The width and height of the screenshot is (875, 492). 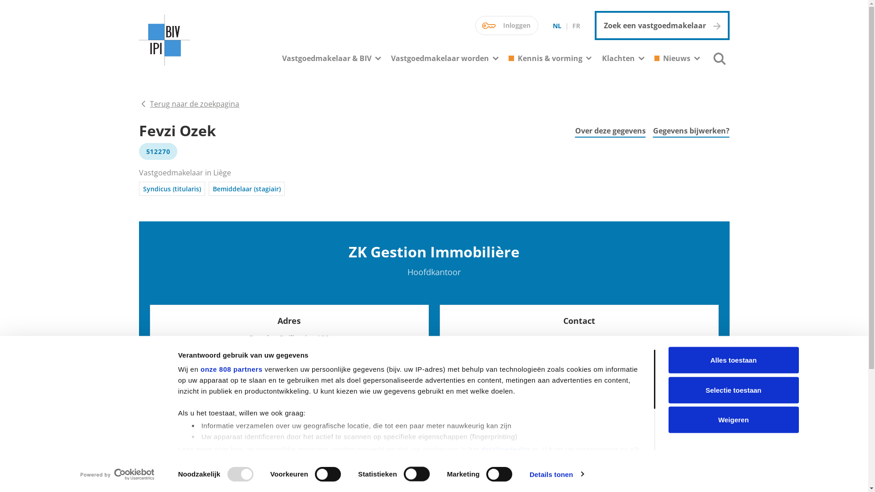 I want to click on 'NL', so click(x=556, y=25).